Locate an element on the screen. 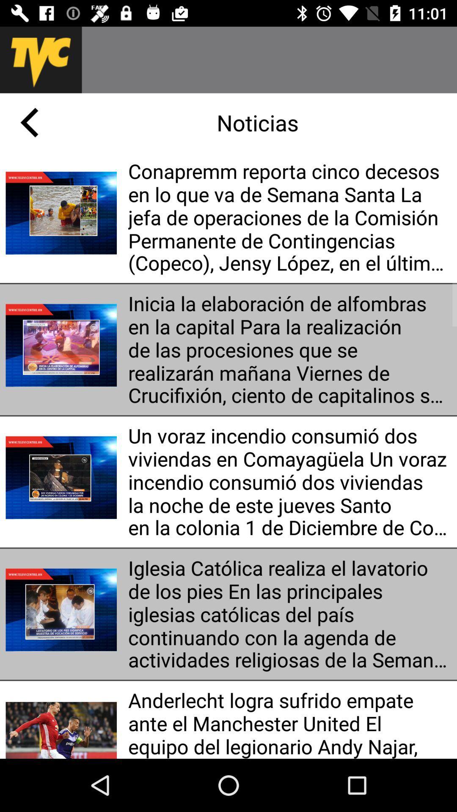  the conapremm reporta cinco app is located at coordinates (289, 217).